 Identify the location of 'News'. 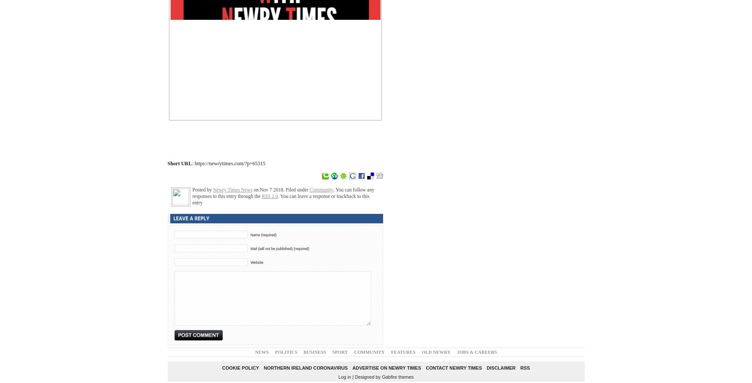
(262, 351).